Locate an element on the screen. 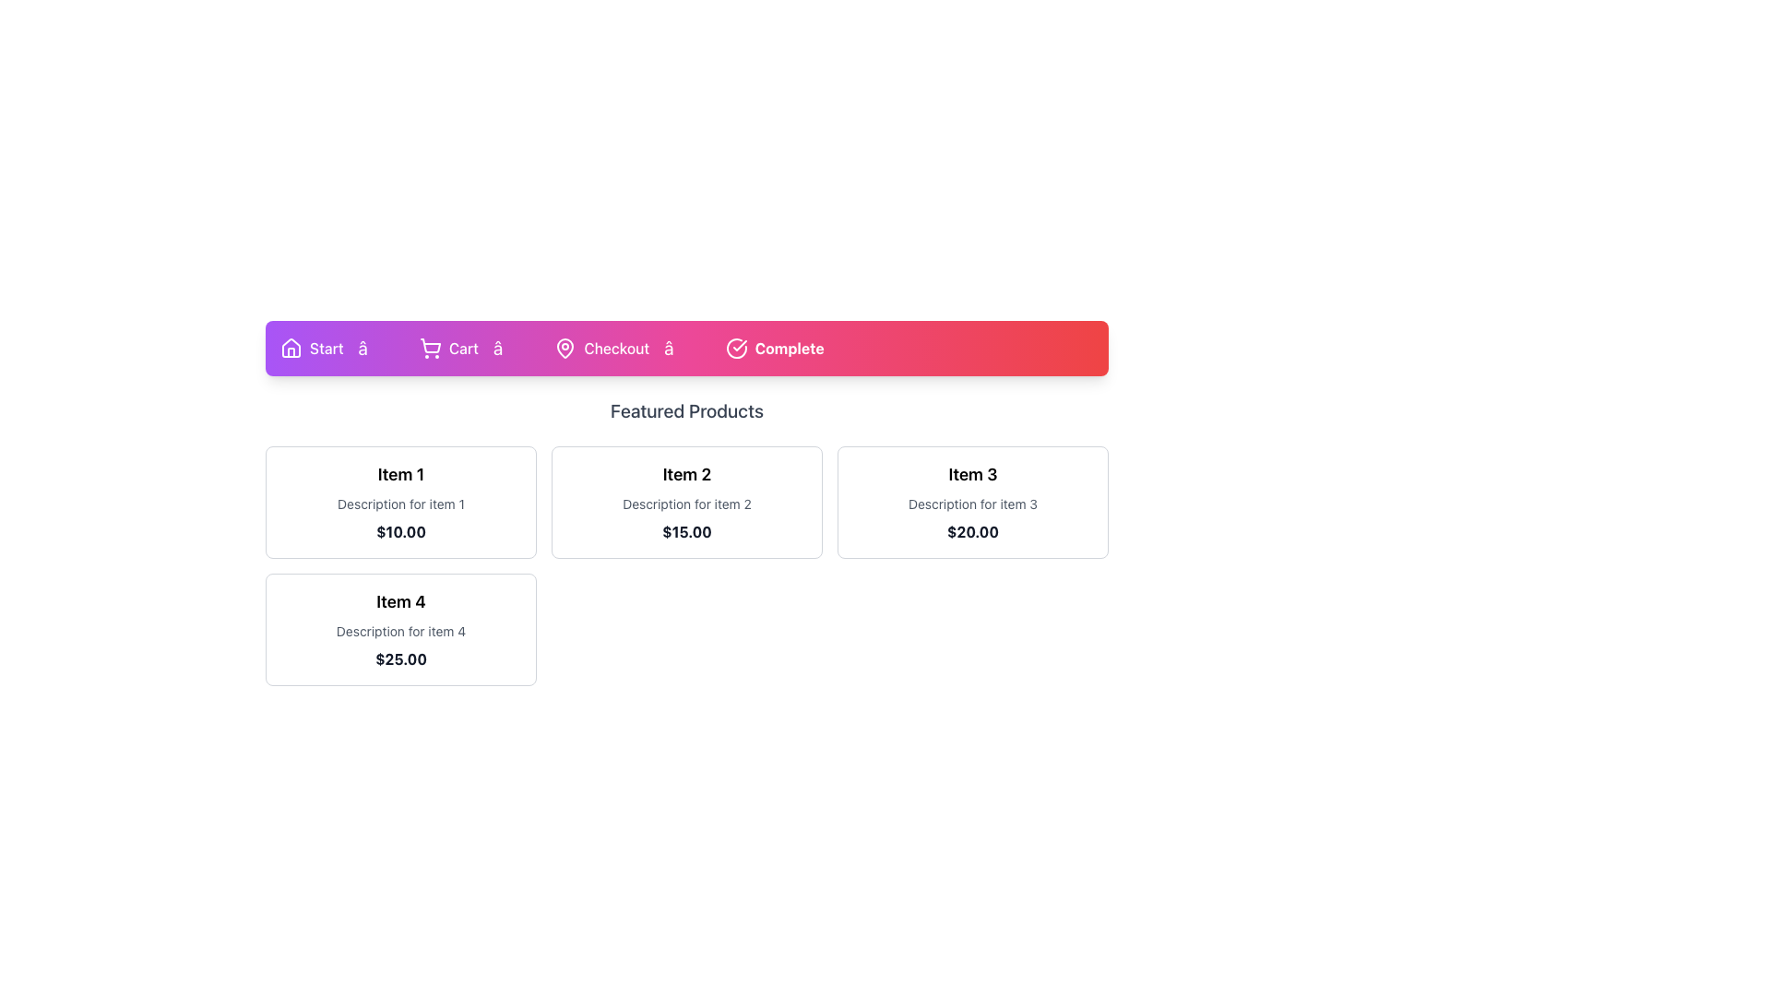  the home navigation label with icon located at the first position in the horizontal navigation bar near the top of the interface is located at coordinates (311, 349).